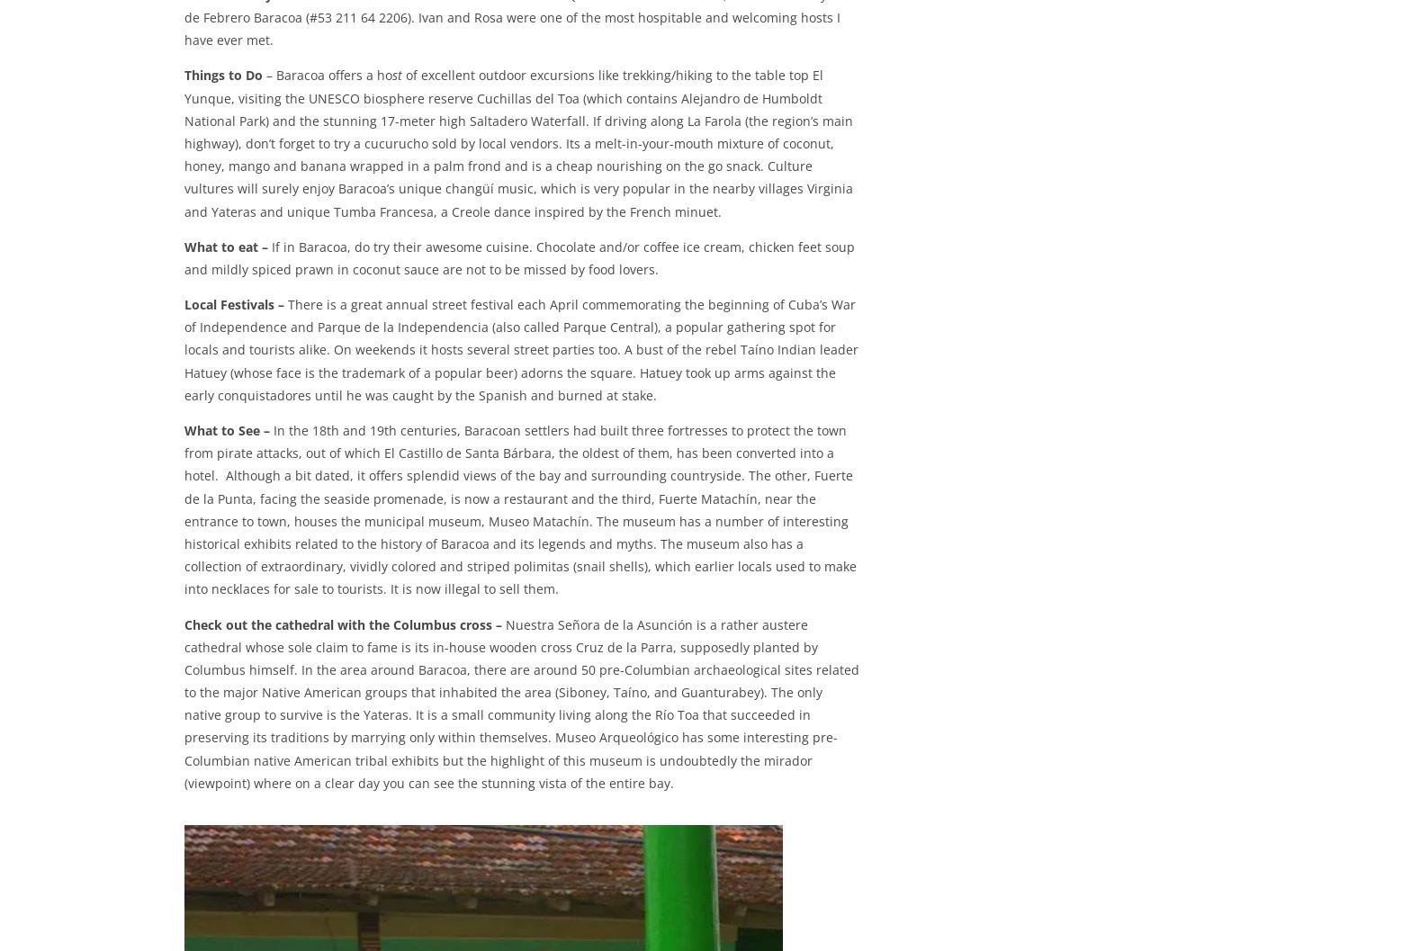 This screenshot has height=951, width=1411. I want to click on 'of excellent outdoor excursions like trekking/hiking to the table top El Yunque, visiting the UNESCO biosphere reserve Cuchillas del Toa (which contains Alejandro de Humboldt National Park) and the stunning 17-meter high Saltadero Waterfall. If driving along La Farola (the region’s main highway), don’t forget to try a cucurucho sold by local vendors. Its a melt-in-your-mouth mixture of coconut, honey, mango and banana wrapped in a palm frond and is a cheap nourishing on the go snack. Culture vultures will surely enjoy Baracoa’s unique changüí music, which is very popular in the nearby villages Virginia and Yateras and unique Tumba Francesa, a Creole dance inspired by the French minuet.', so click(518, 144).